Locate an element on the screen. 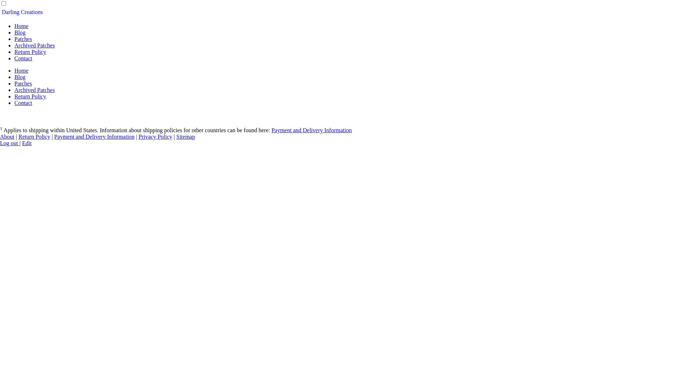  'Archived Patches' is located at coordinates (34, 45).